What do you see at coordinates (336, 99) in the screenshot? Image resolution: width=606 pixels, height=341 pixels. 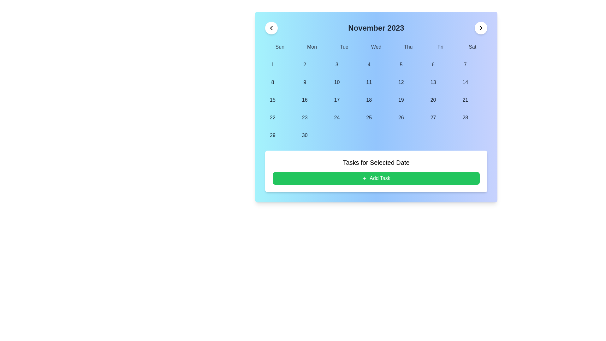 I see `the button representing the date '17' in the calendar grid` at bounding box center [336, 99].